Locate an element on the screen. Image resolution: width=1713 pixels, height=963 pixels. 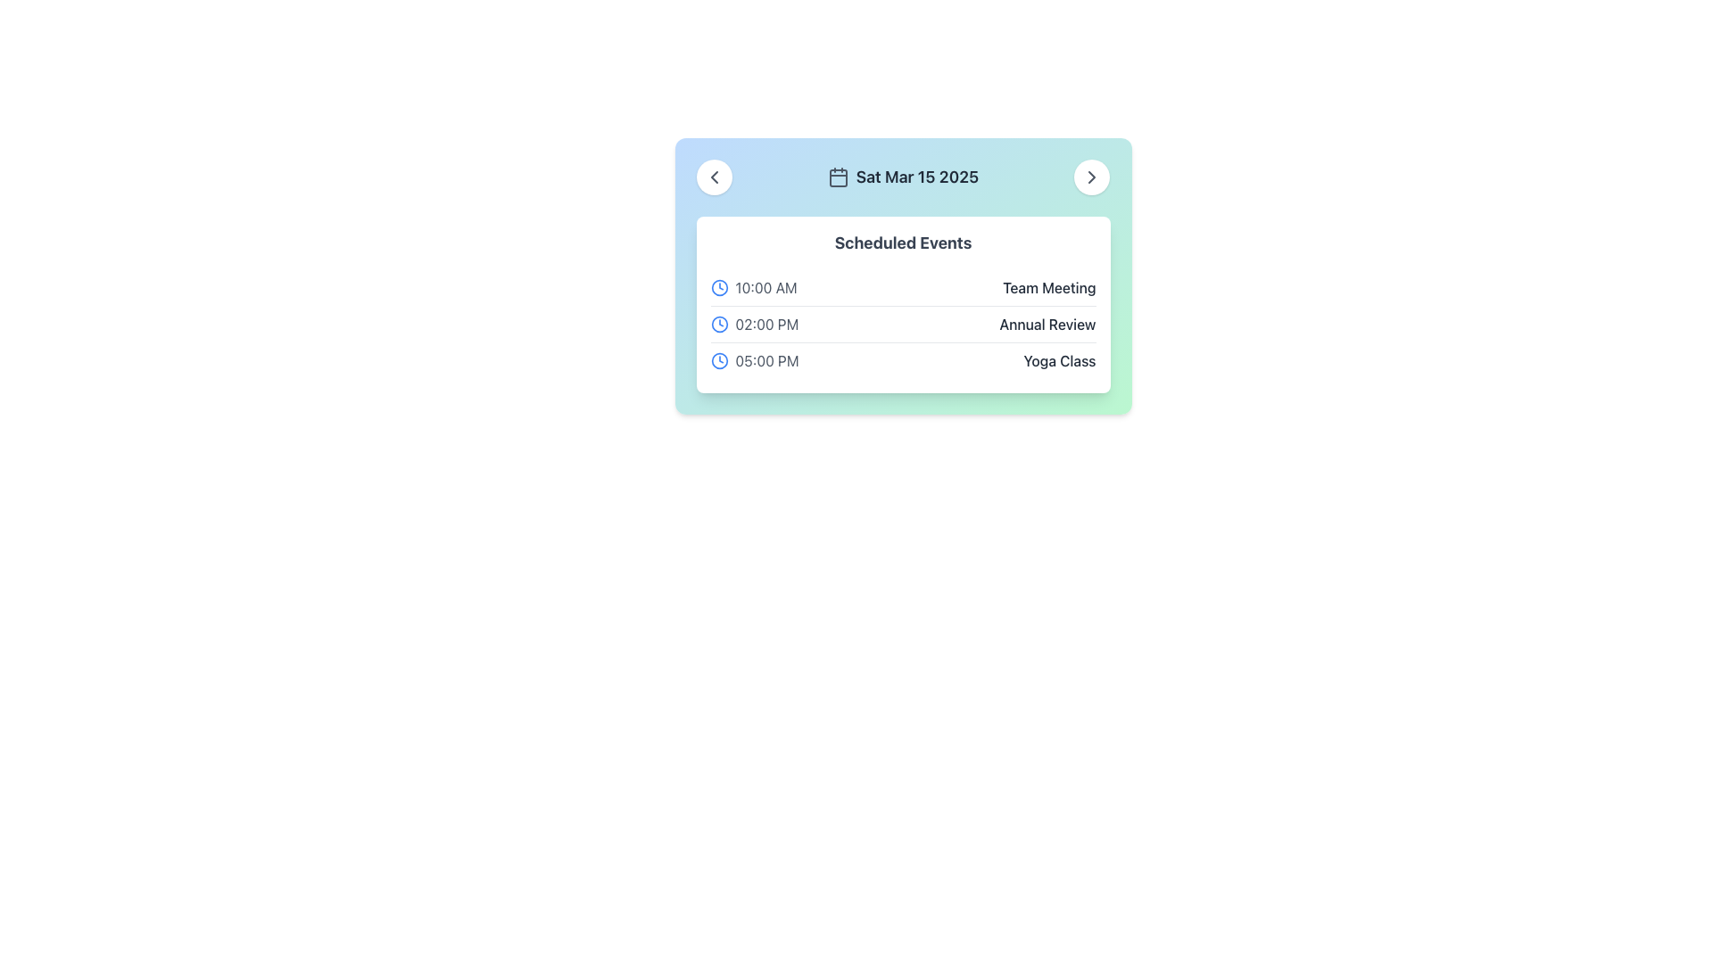
the arrow icon located at the top-right corner of the calendar's header section is located at coordinates (1091, 177).